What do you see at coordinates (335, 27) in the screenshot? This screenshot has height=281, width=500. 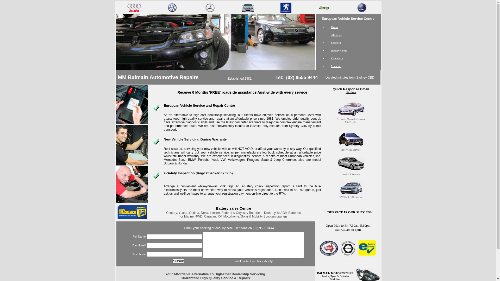 I see `'Home'` at bounding box center [335, 27].